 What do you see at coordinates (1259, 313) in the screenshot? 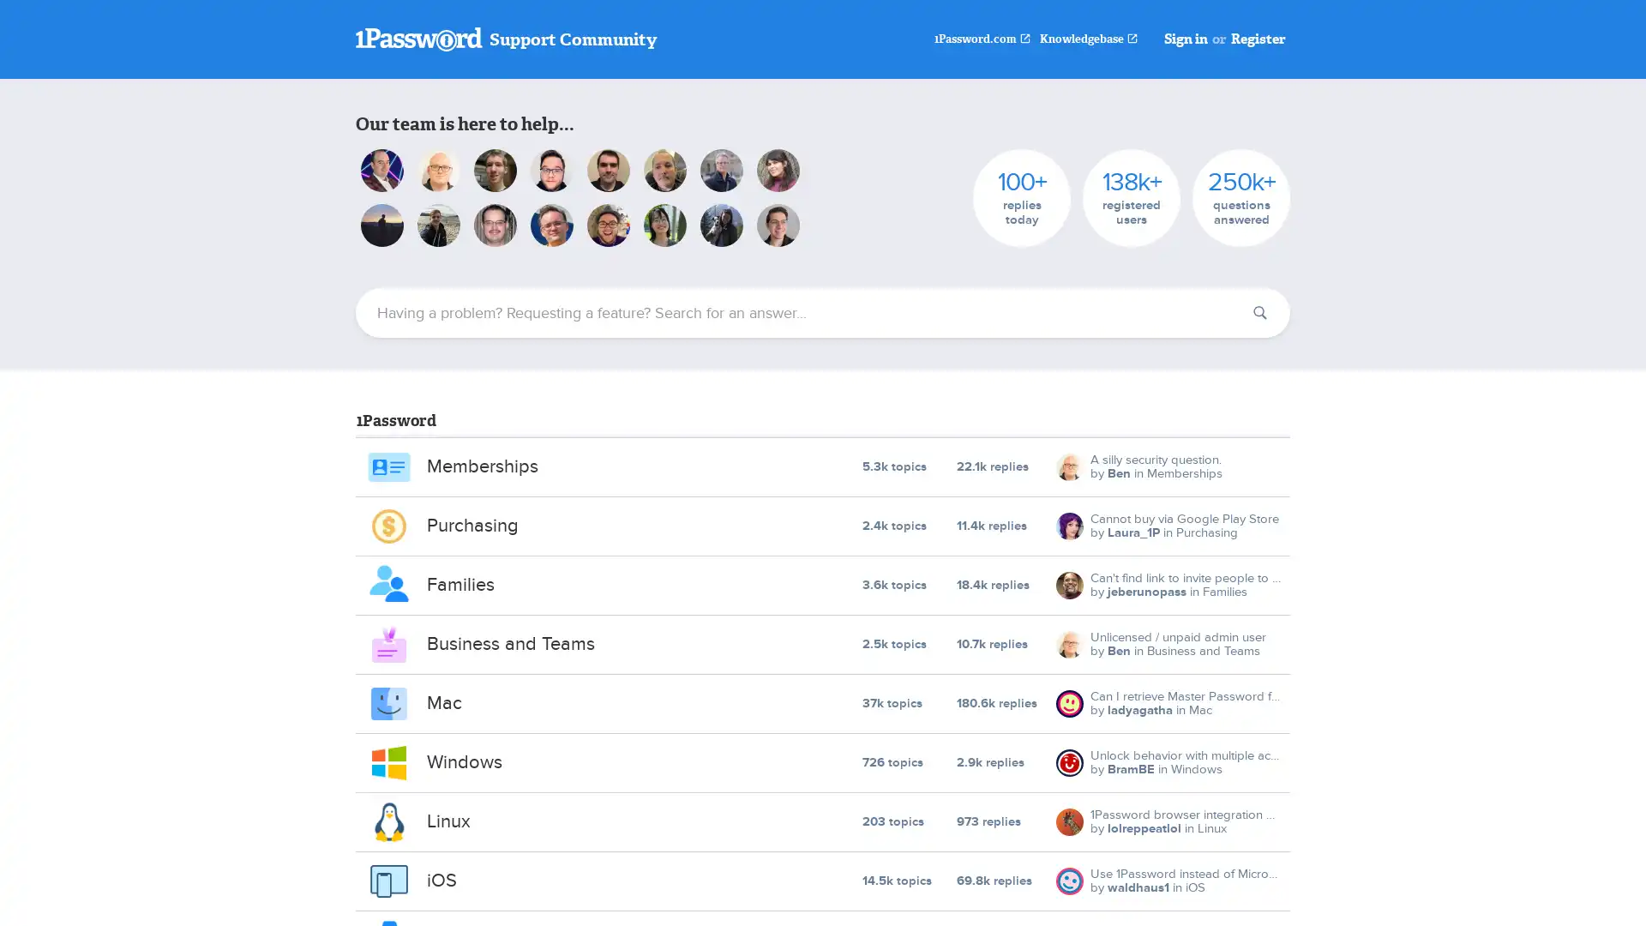
I see `Go` at bounding box center [1259, 313].